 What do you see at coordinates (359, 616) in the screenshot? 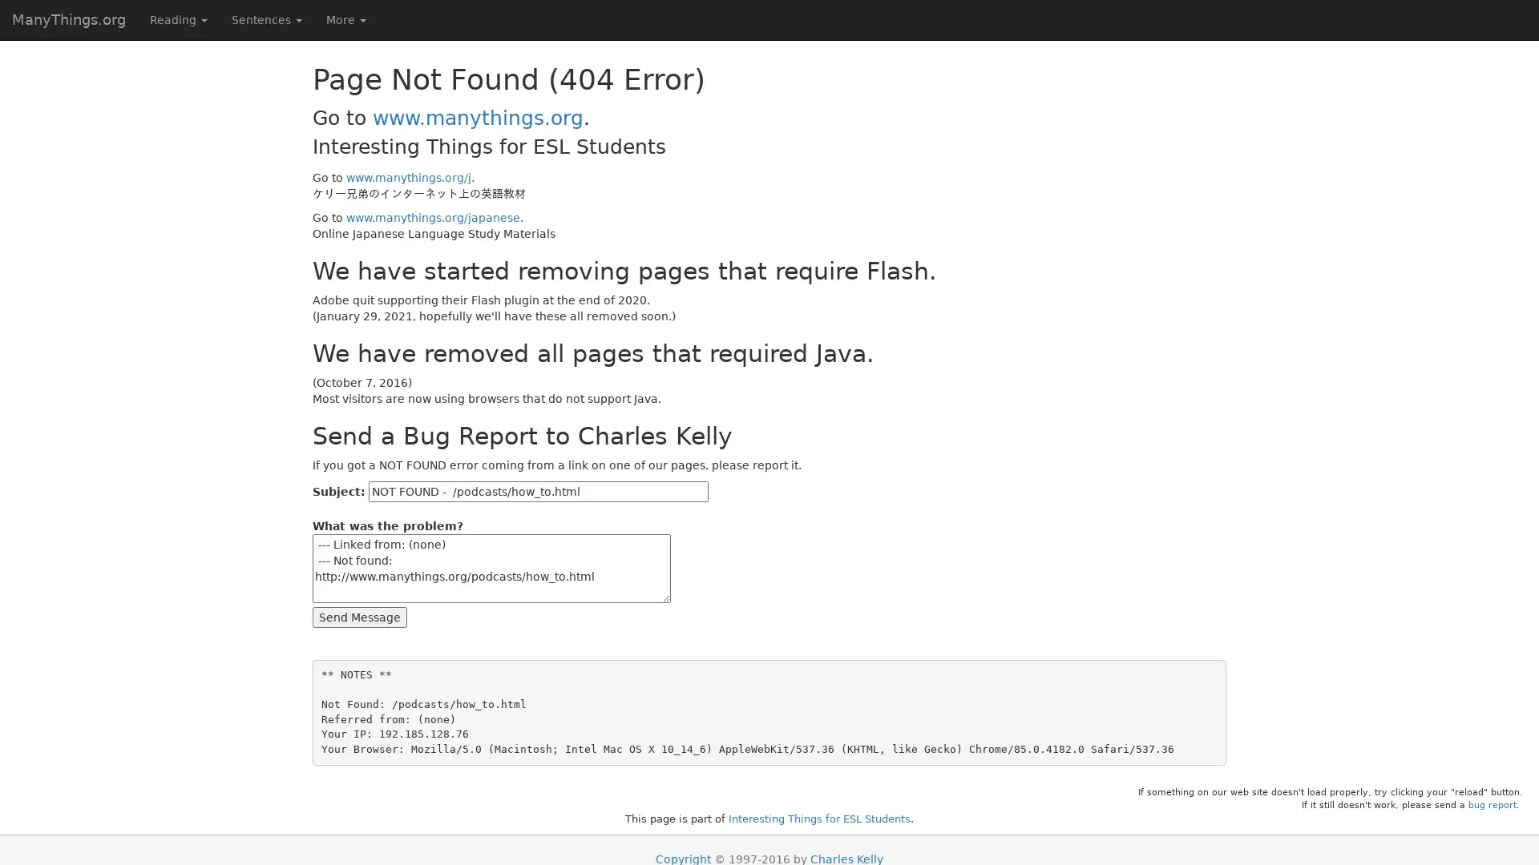
I see `Send Message` at bounding box center [359, 616].